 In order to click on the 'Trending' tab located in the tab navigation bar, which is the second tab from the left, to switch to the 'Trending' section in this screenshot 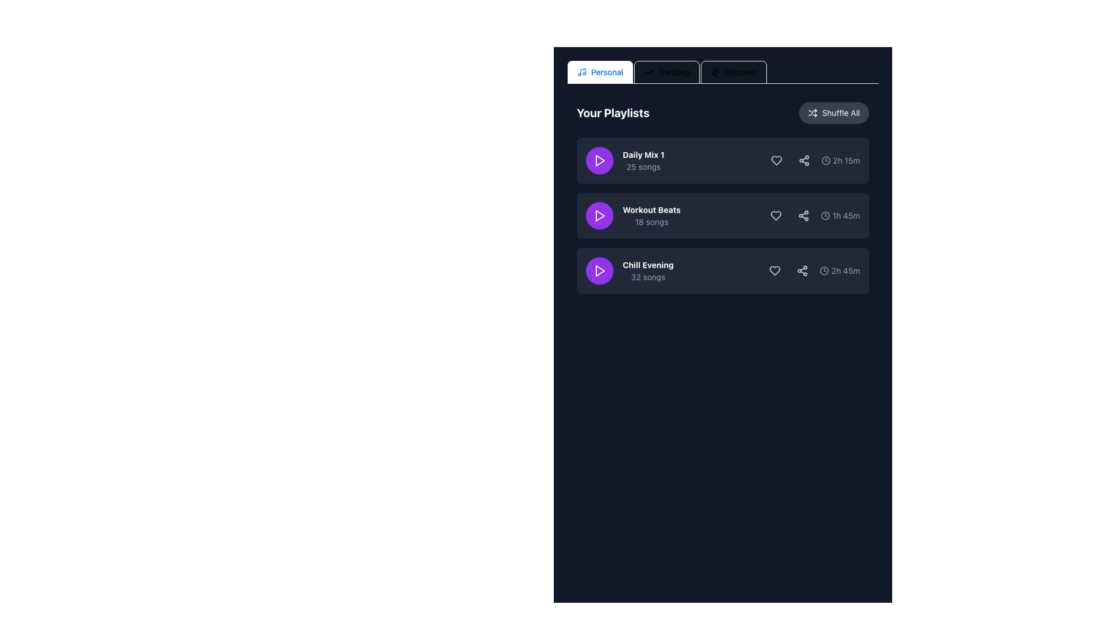, I will do `click(667, 72)`.